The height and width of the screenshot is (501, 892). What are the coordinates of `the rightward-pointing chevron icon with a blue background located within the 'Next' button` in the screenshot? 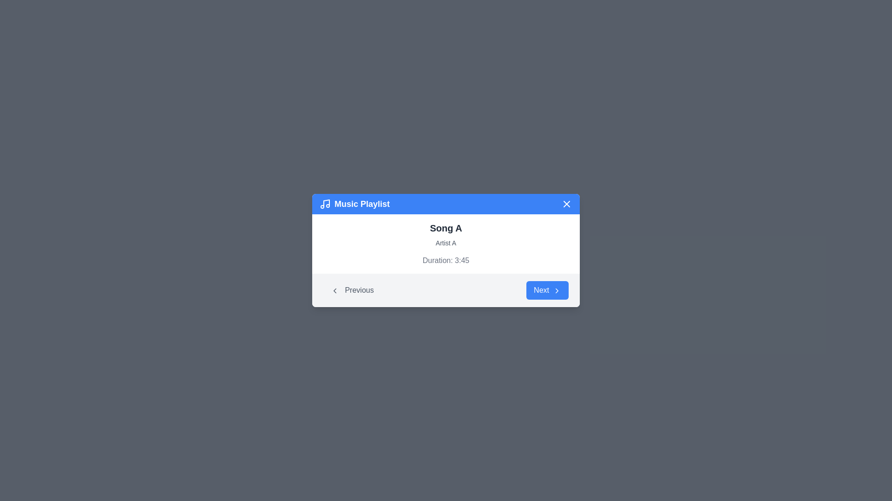 It's located at (557, 289).